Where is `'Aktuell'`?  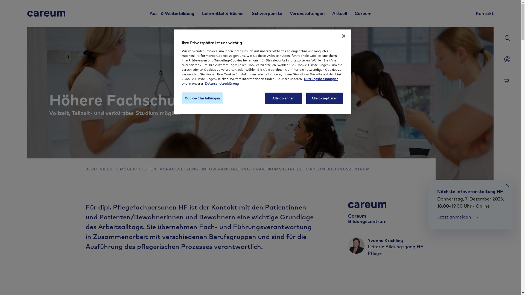
'Aktuell' is located at coordinates (339, 13).